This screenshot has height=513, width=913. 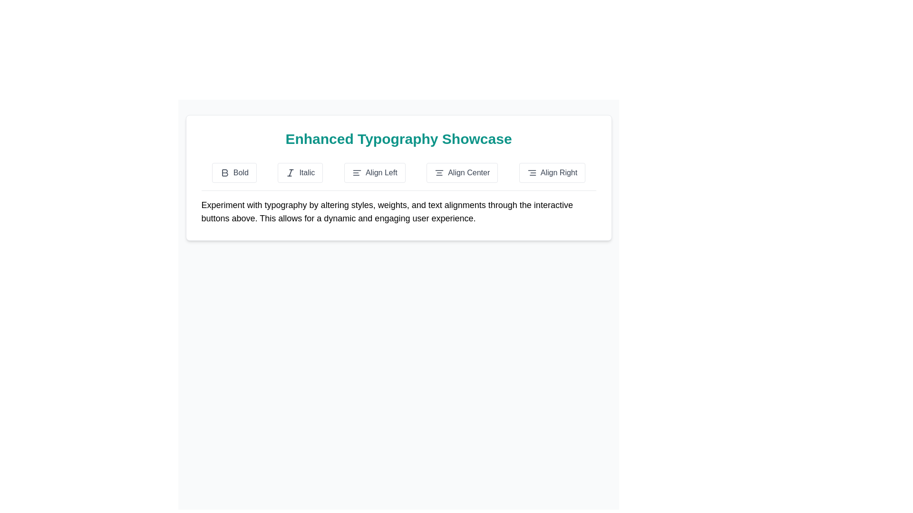 I want to click on the center alignment button located between the 'Align Left' and 'Align Right' buttons, so click(x=462, y=172).